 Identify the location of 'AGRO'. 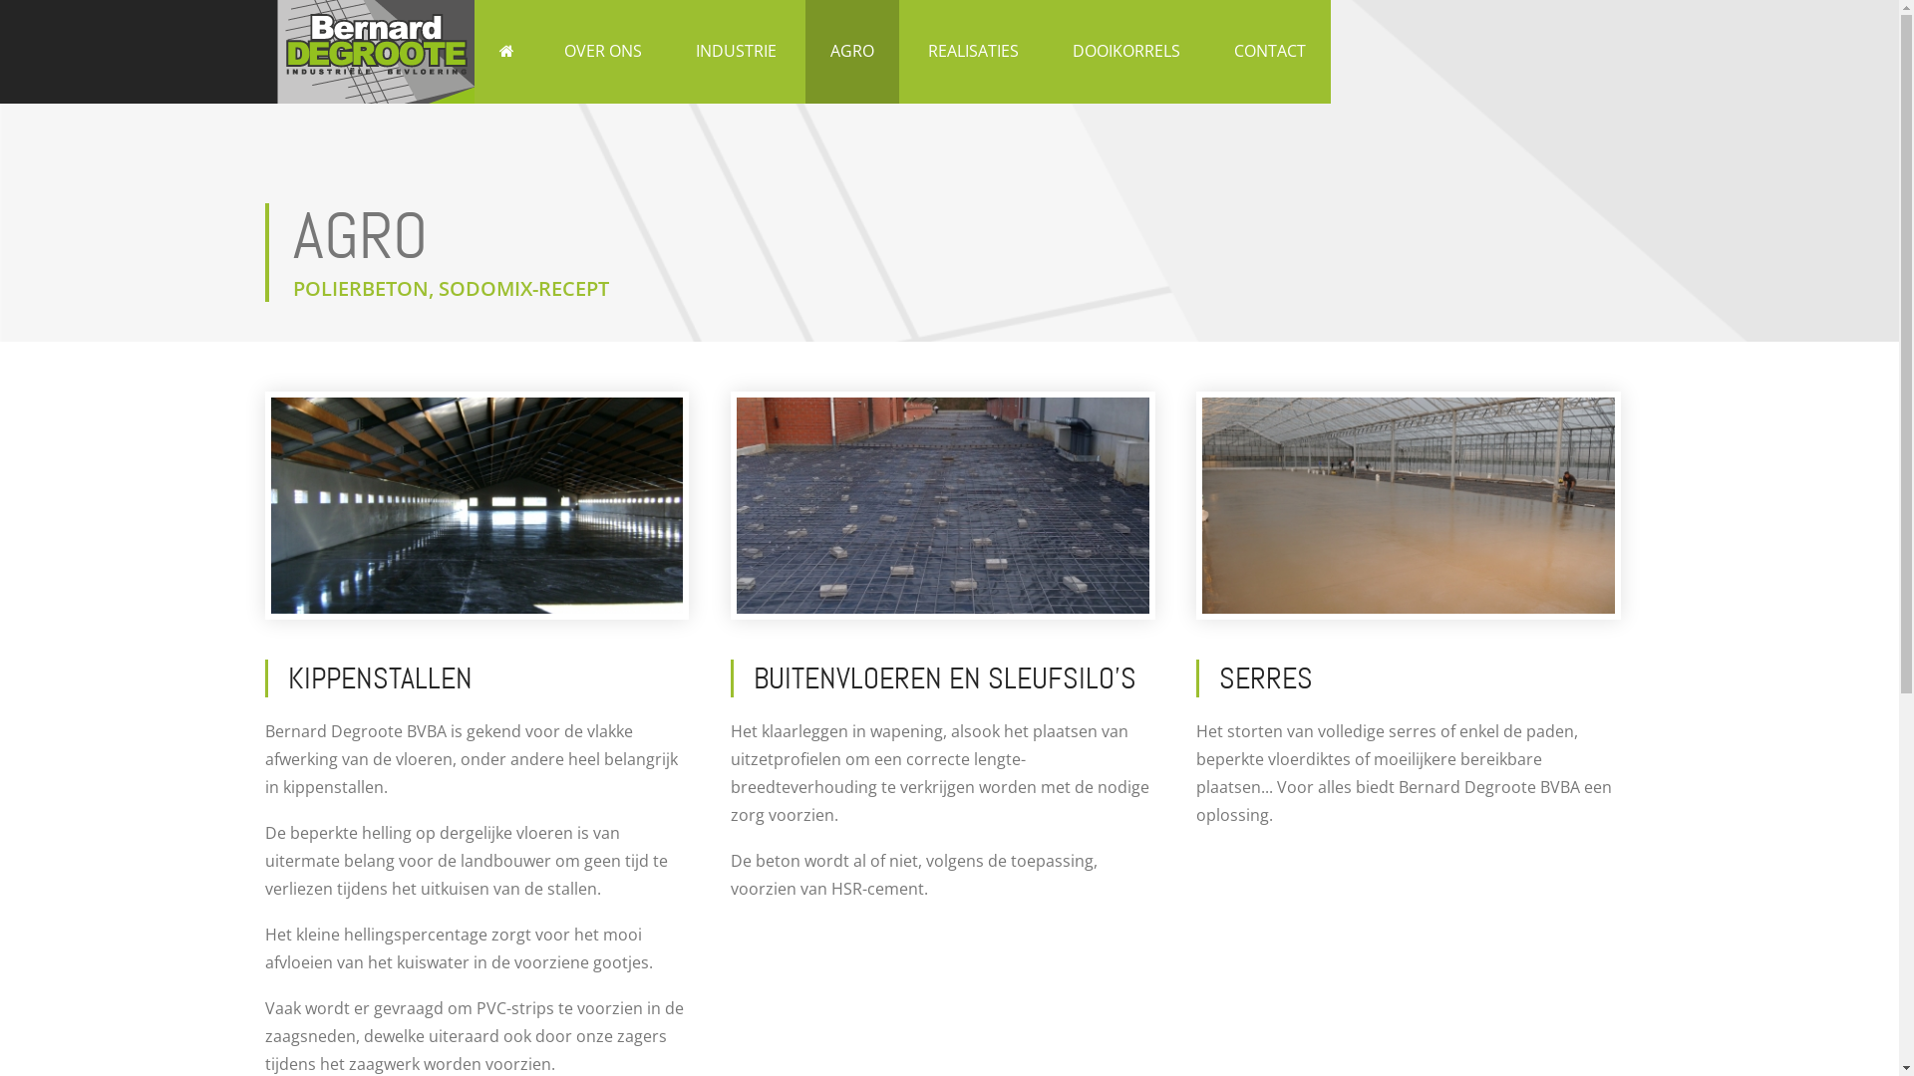
(851, 50).